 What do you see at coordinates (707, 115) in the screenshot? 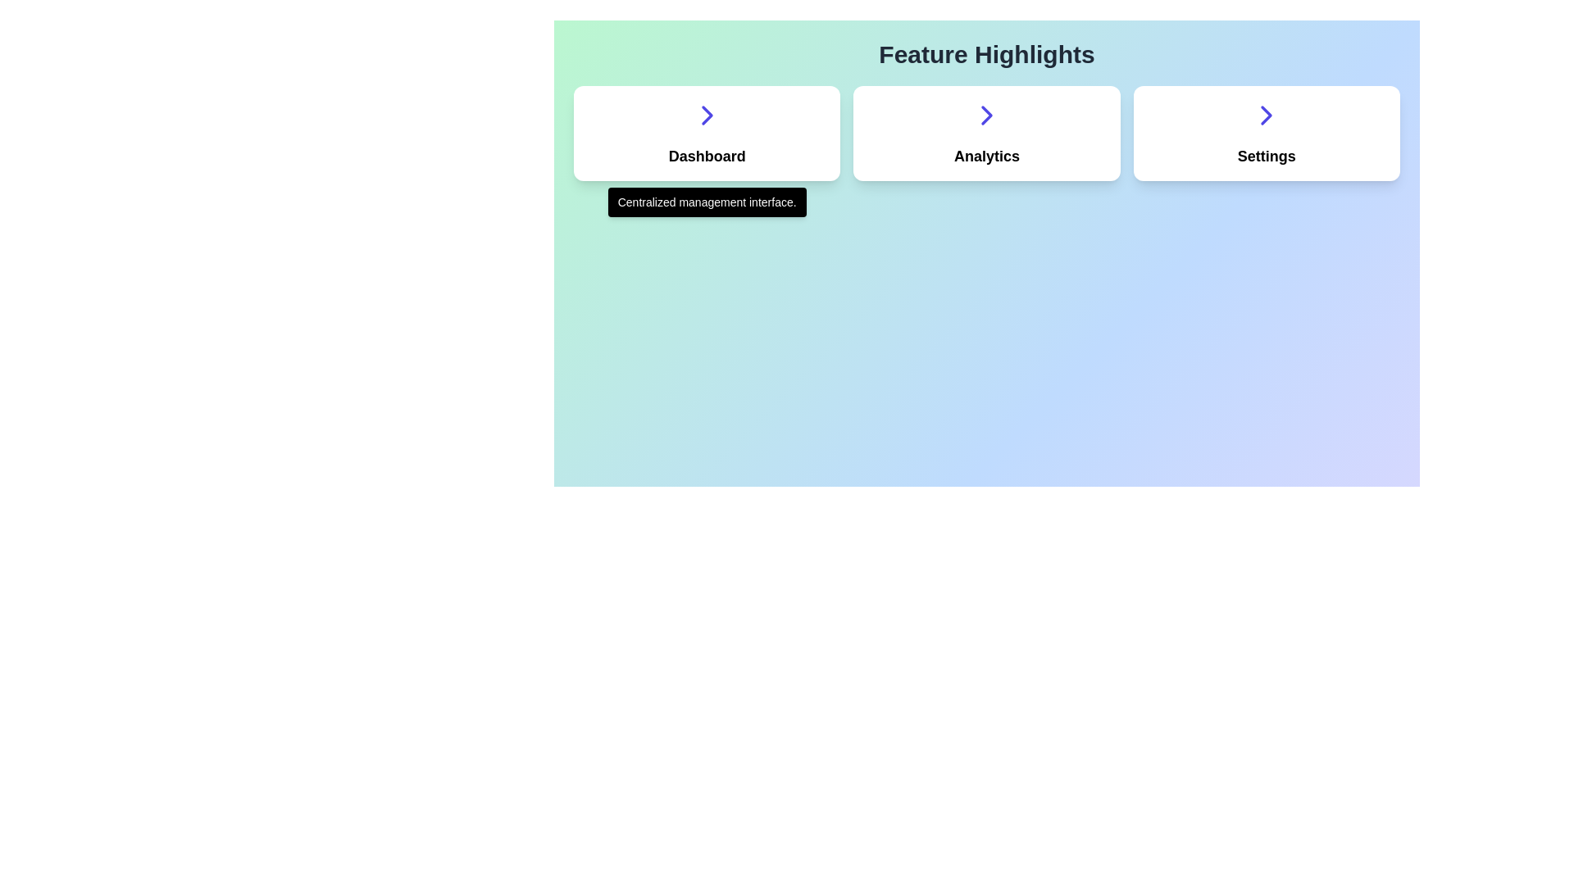
I see `the right-facing chevron arrow icon located at the center of the left card labeled 'Dashboard'` at bounding box center [707, 115].